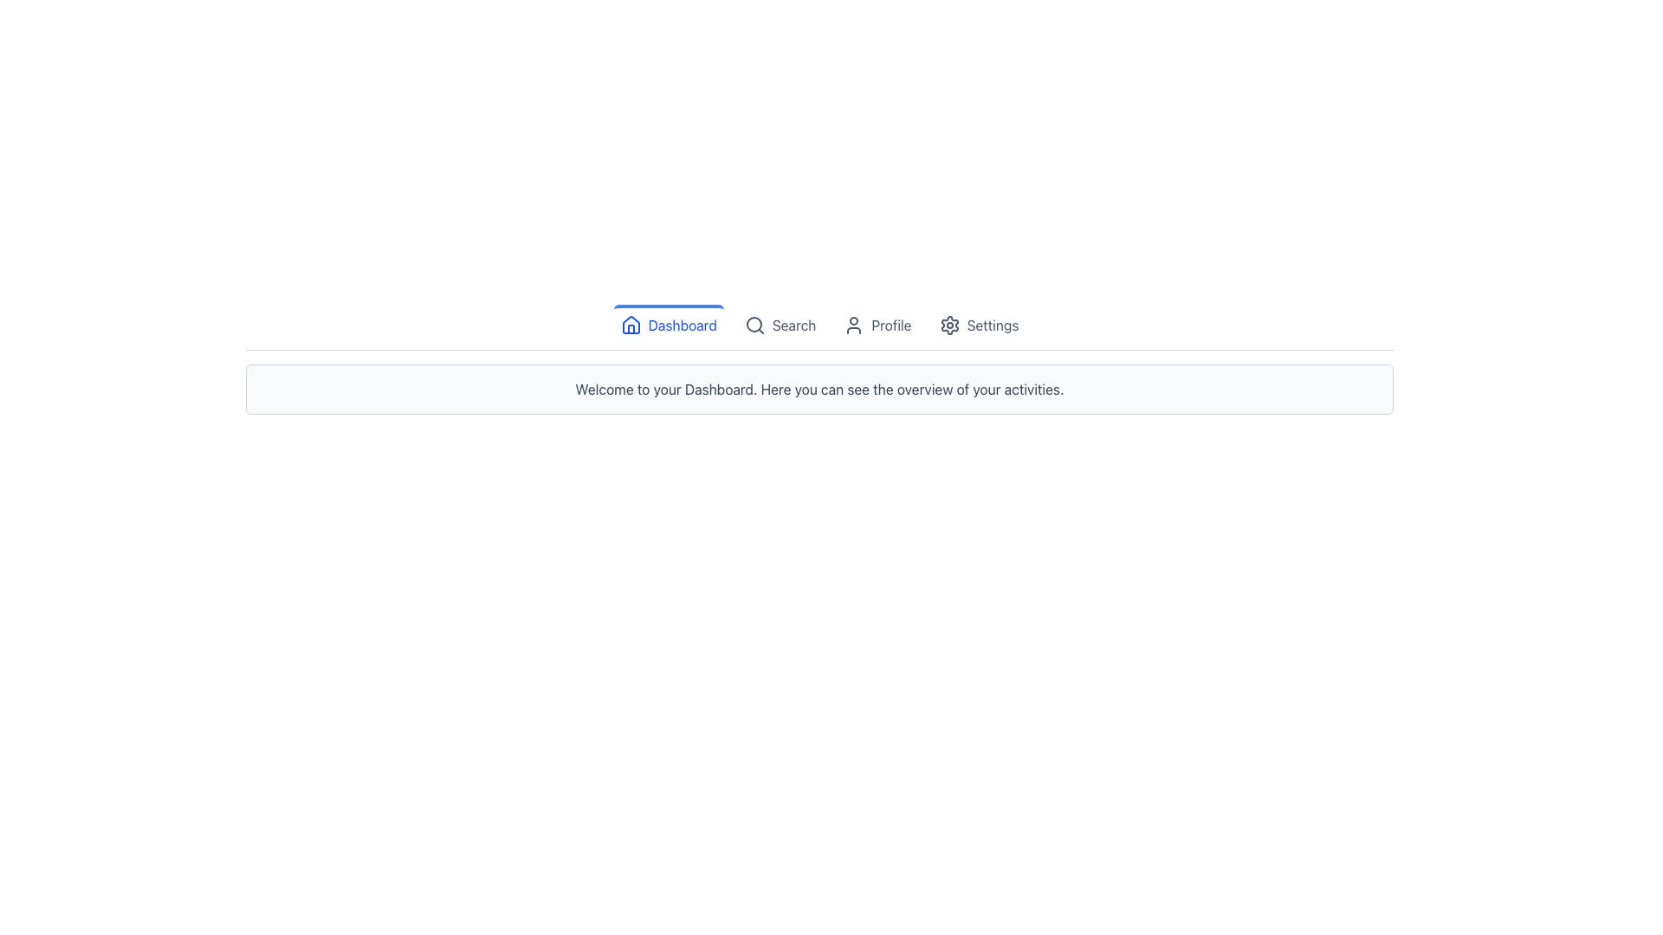 This screenshot has height=935, width=1663. What do you see at coordinates (948, 325) in the screenshot?
I see `the cogwheel icon representing settings, located in the navigation bar near the 'Settings' label` at bounding box center [948, 325].